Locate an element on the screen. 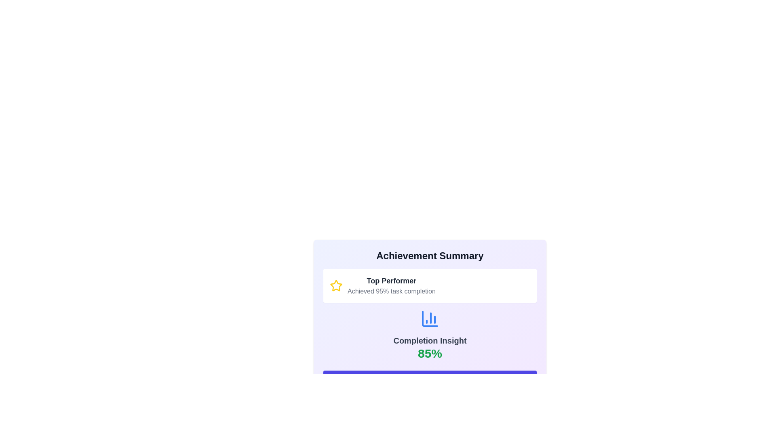 This screenshot has height=436, width=776. the leftmost vertical line of the bar chart icon, which is styled in blue and has a minimalistic outline is located at coordinates (430, 319).